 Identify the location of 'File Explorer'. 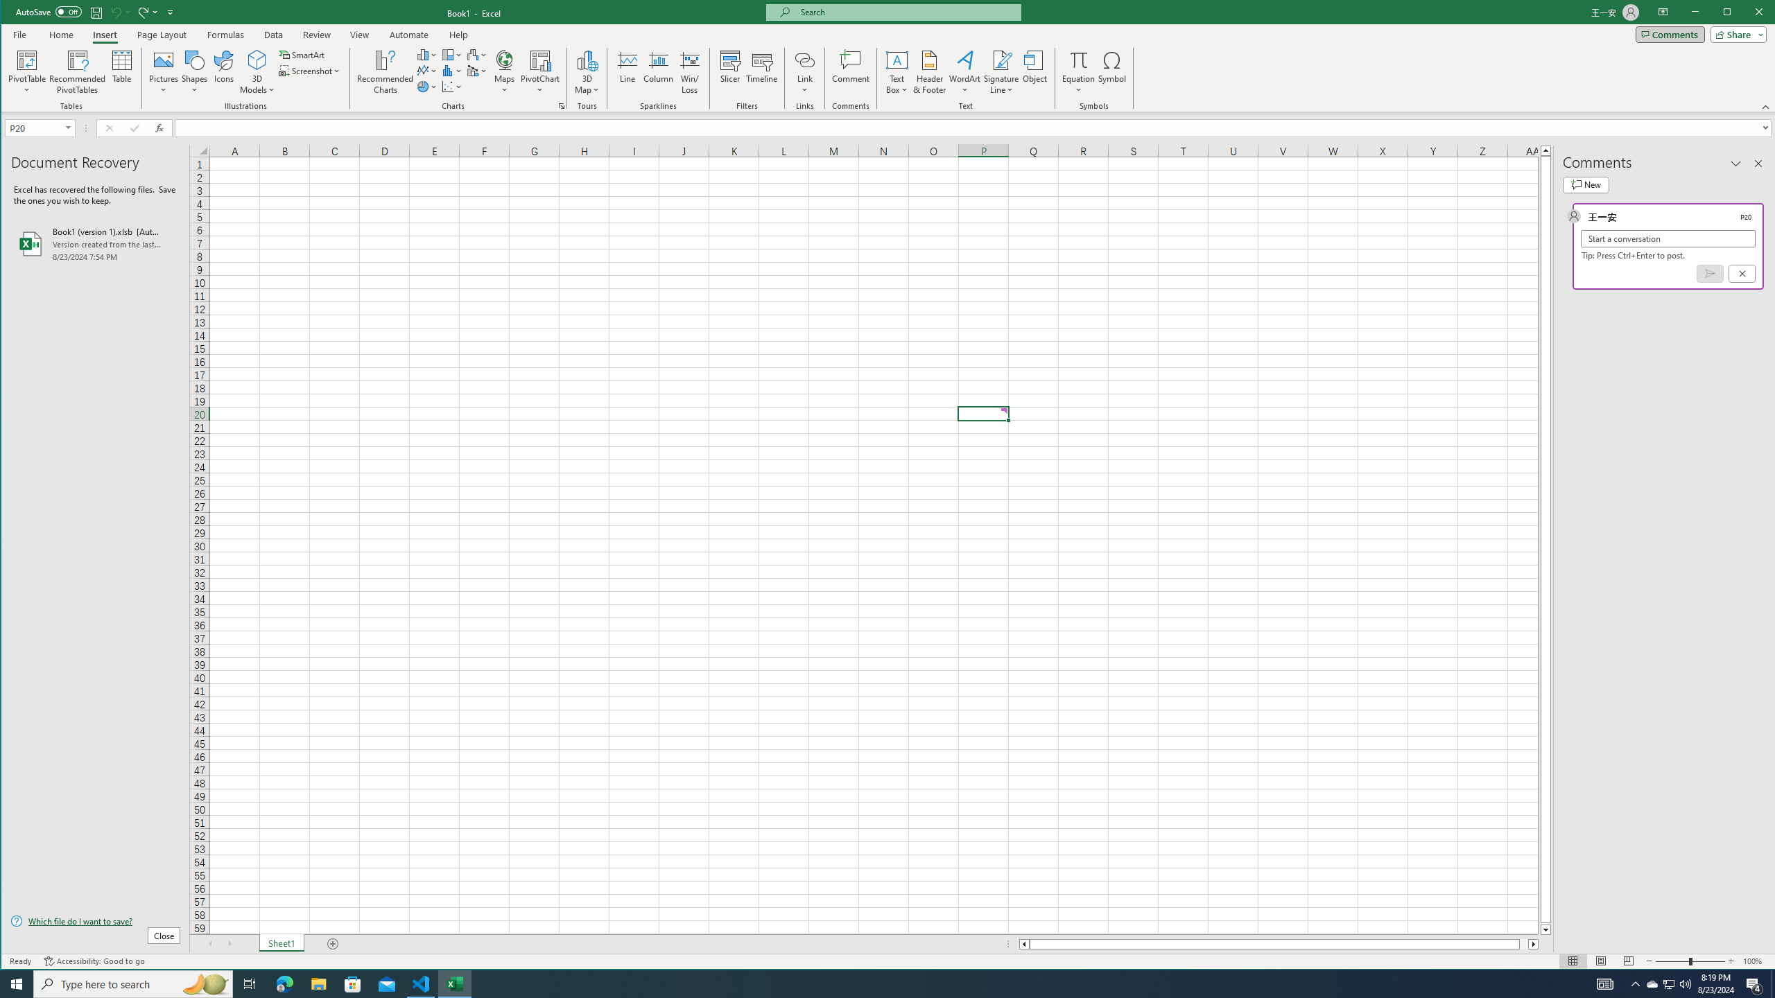
(318, 983).